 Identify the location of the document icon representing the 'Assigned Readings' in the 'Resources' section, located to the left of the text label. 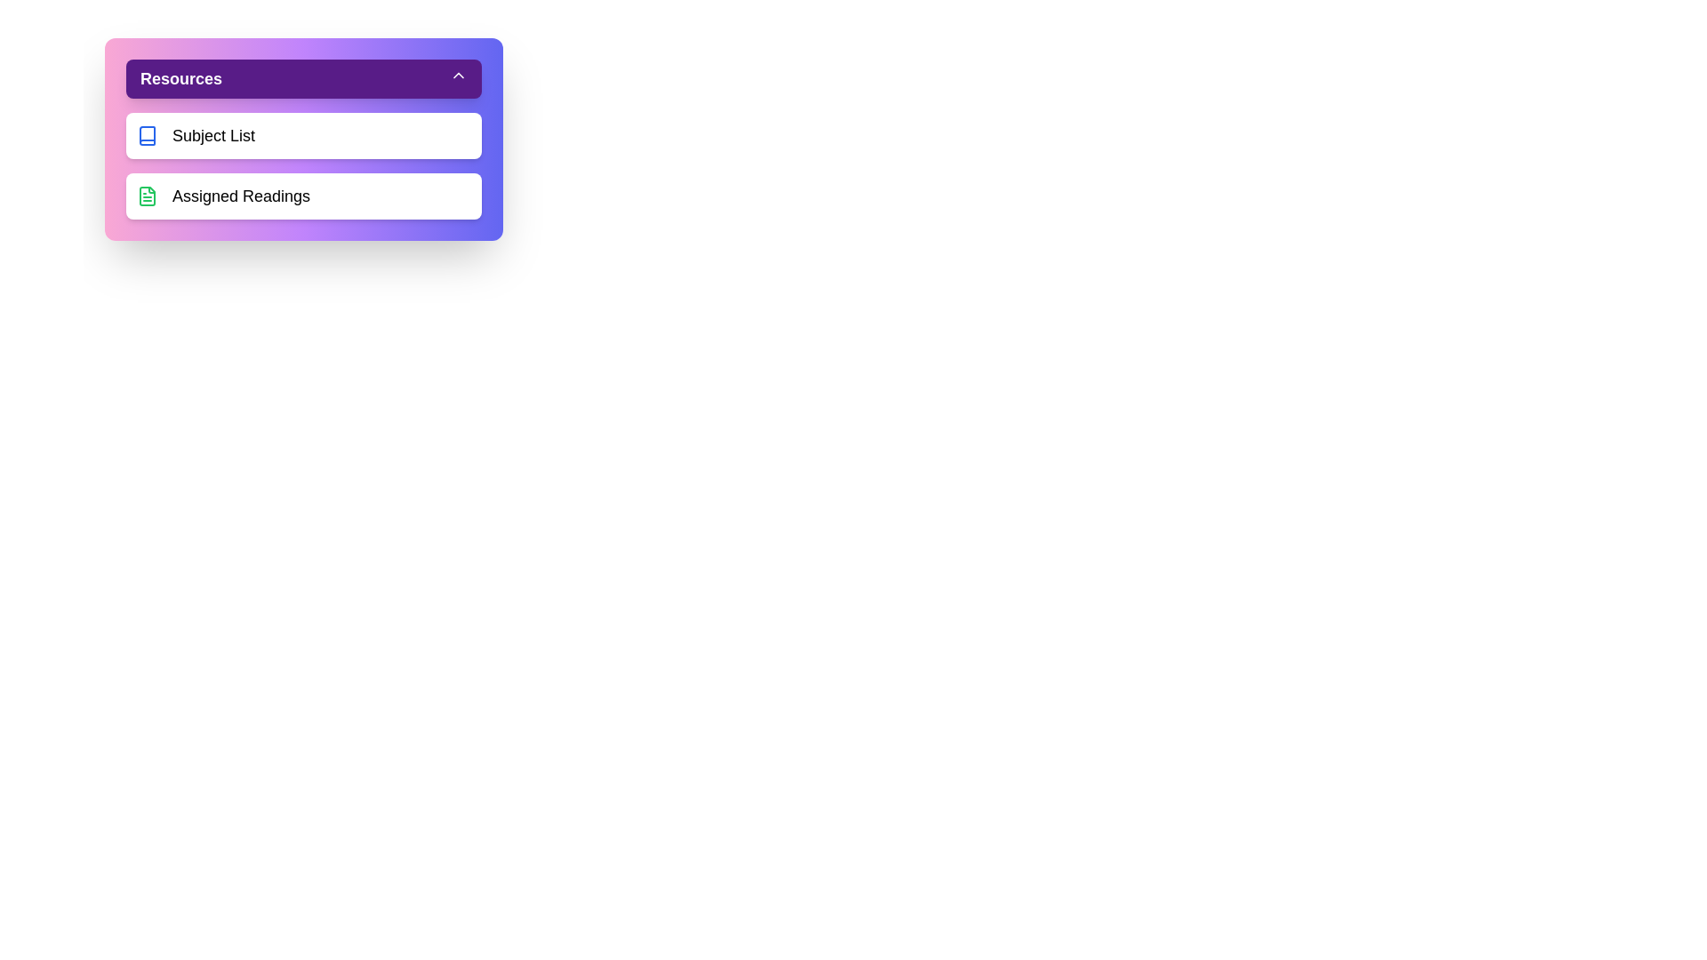
(148, 196).